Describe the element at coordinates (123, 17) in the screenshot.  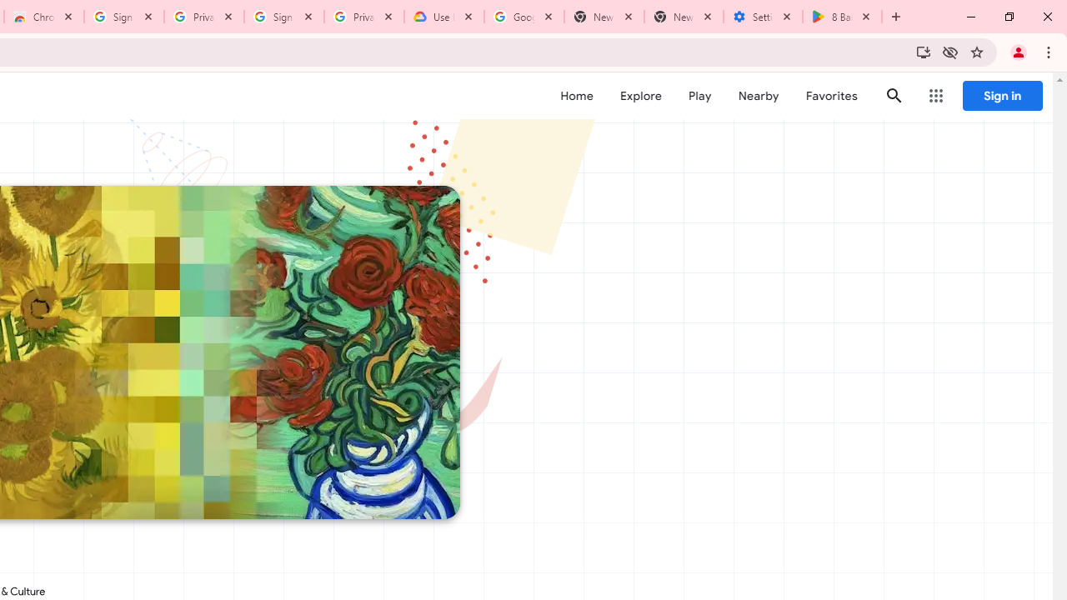
I see `'Sign in - Google Accounts'` at that location.